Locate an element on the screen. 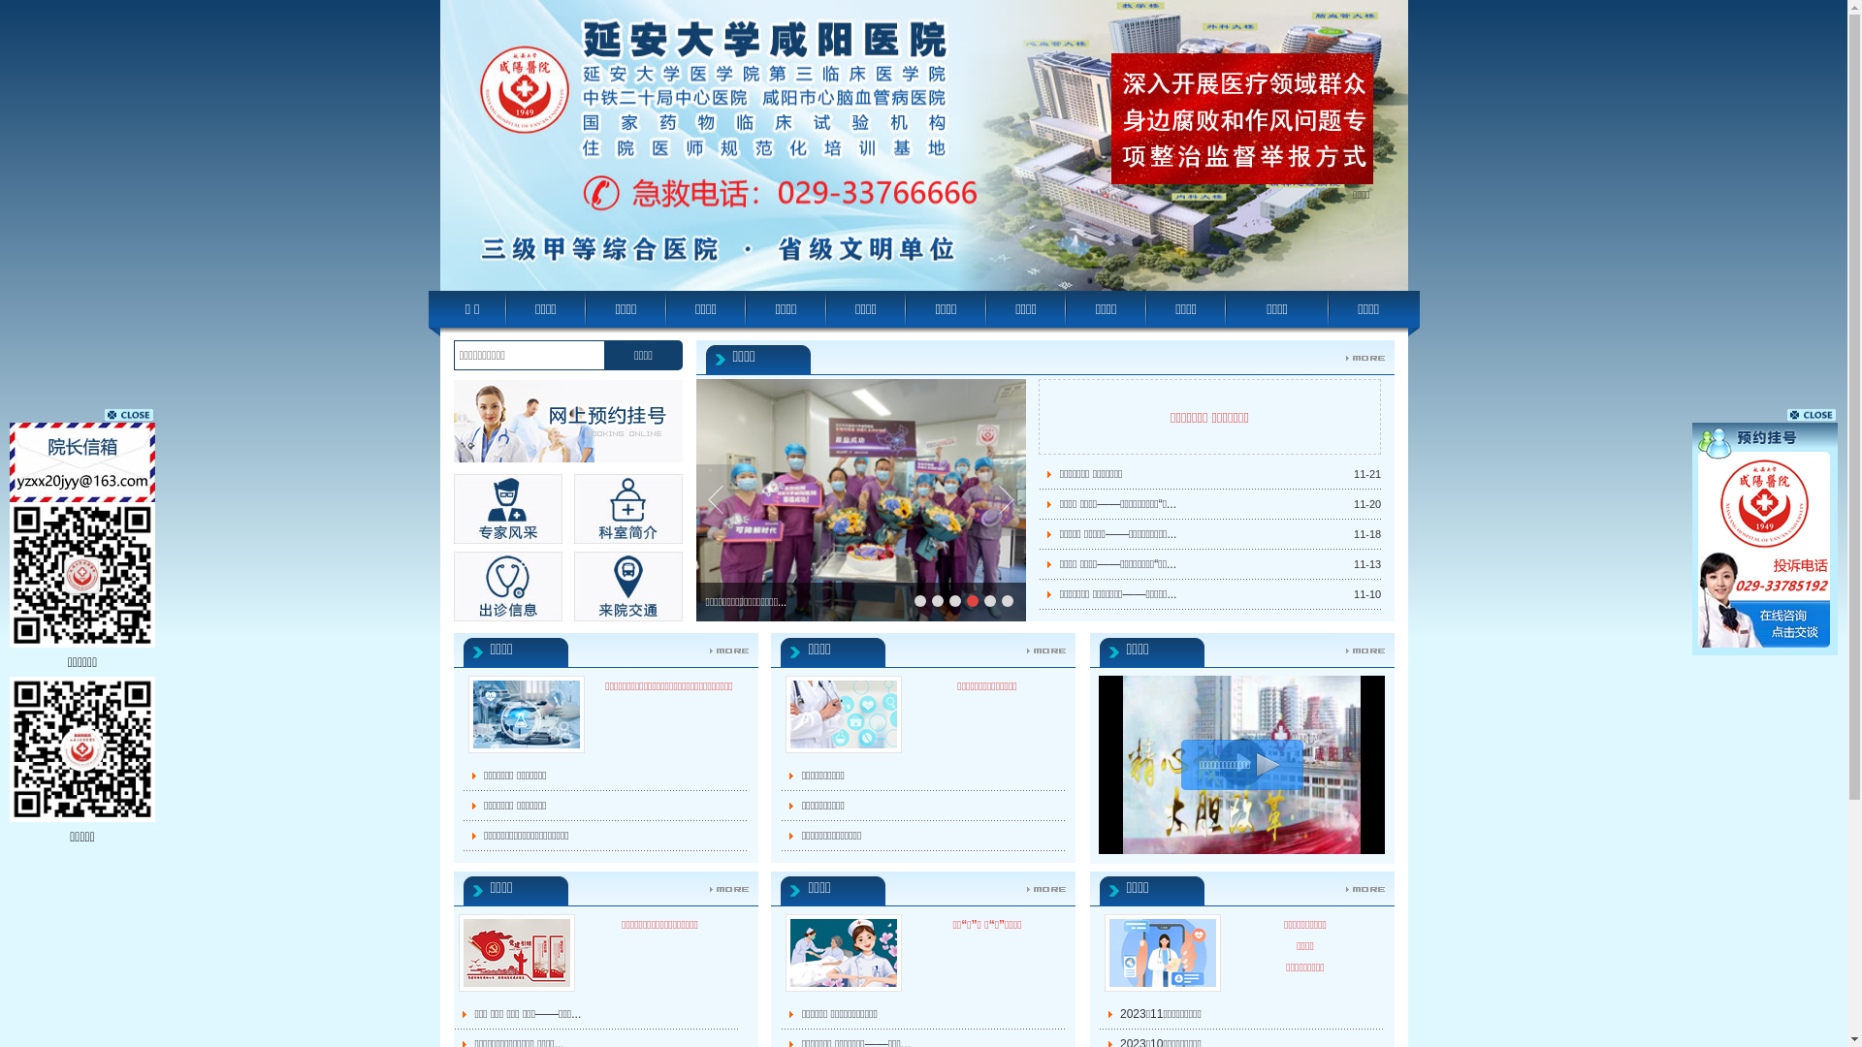 The width and height of the screenshot is (1862, 1047). '11-10' is located at coordinates (1366, 593).